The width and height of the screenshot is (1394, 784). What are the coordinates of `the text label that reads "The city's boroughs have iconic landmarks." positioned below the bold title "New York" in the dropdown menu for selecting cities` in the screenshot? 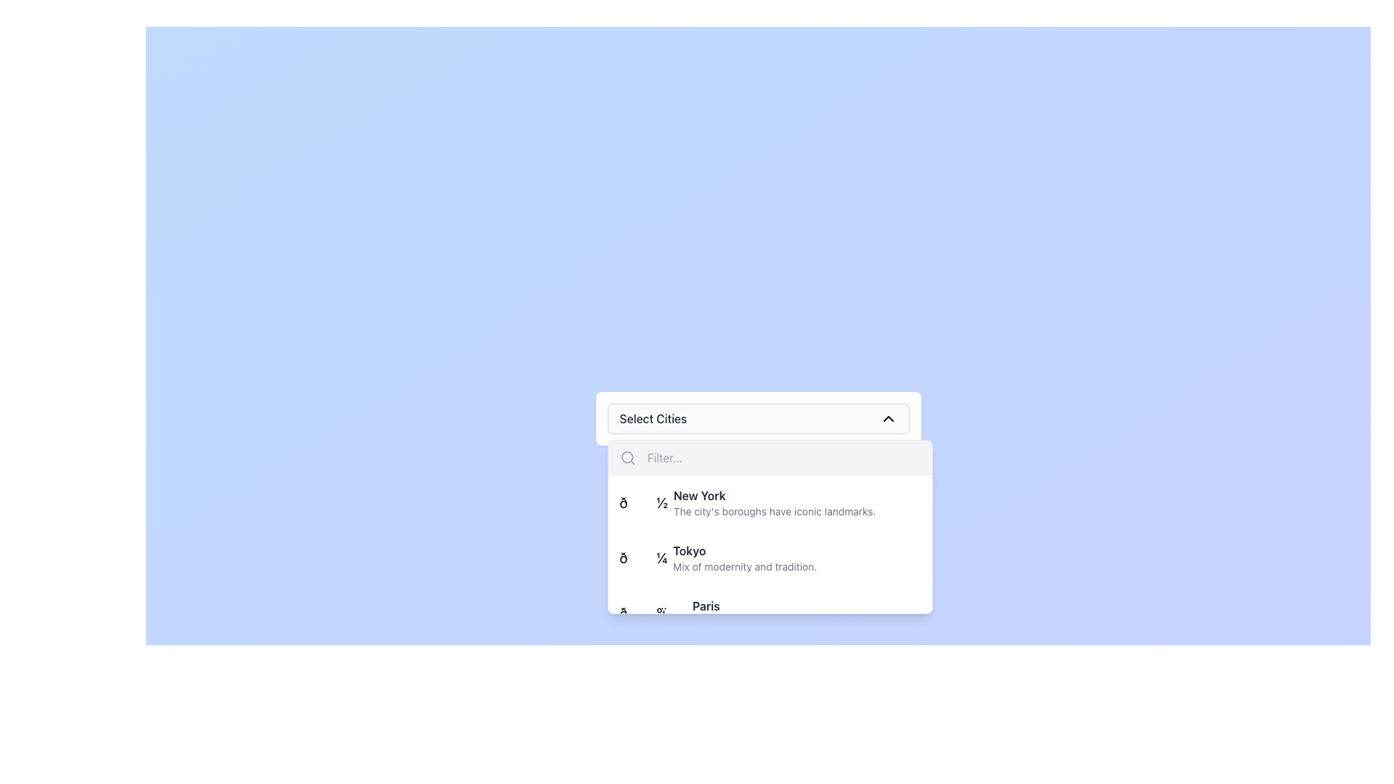 It's located at (774, 511).